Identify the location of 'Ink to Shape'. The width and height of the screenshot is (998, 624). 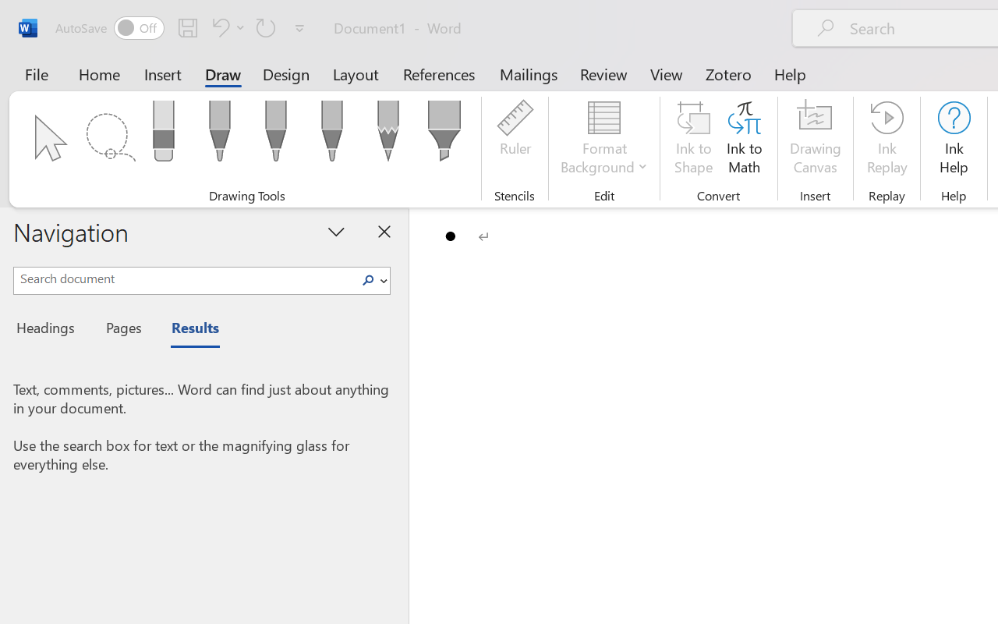
(693, 140).